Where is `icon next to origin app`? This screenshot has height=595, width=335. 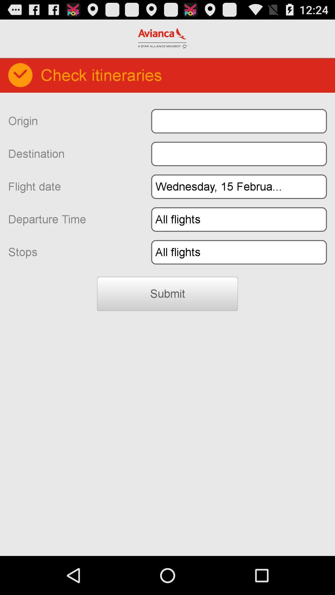 icon next to origin app is located at coordinates (239, 121).